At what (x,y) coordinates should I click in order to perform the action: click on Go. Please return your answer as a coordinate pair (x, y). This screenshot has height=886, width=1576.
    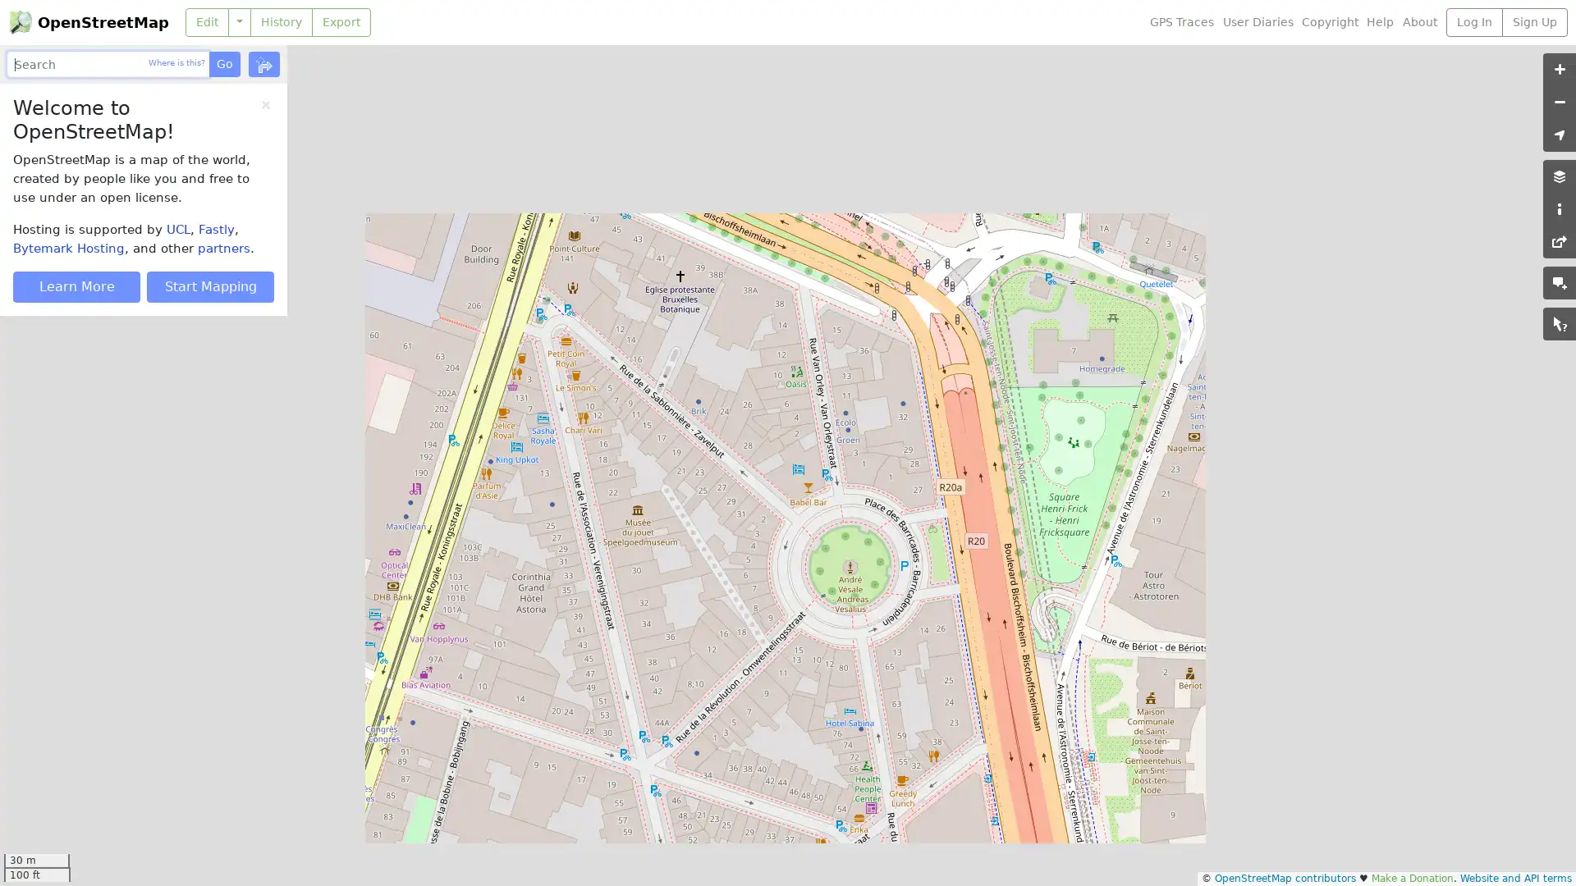
    Looking at the image, I should click on (223, 63).